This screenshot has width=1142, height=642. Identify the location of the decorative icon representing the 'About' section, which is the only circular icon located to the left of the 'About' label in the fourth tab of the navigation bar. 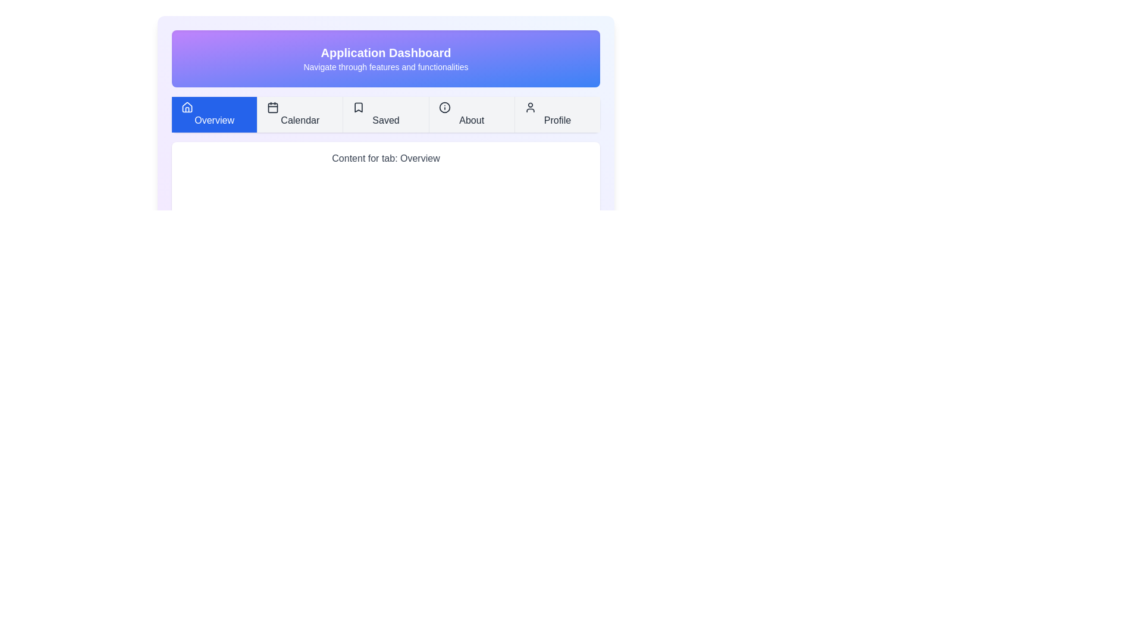
(444, 108).